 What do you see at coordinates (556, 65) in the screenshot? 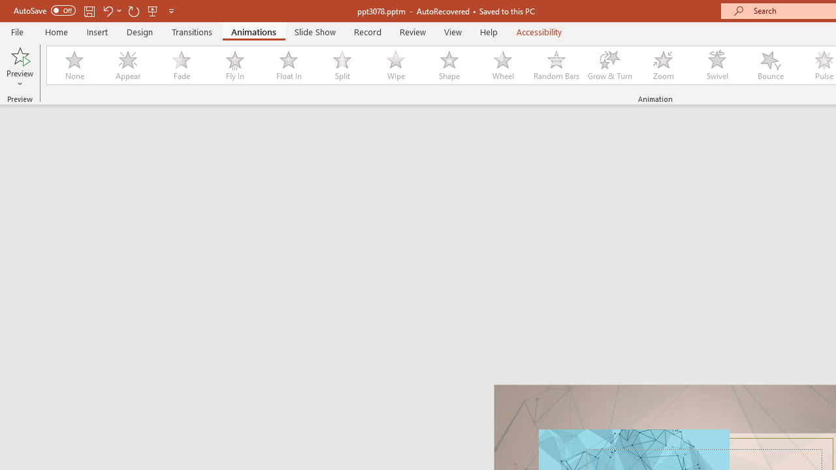
I see `'Random Bars'` at bounding box center [556, 65].